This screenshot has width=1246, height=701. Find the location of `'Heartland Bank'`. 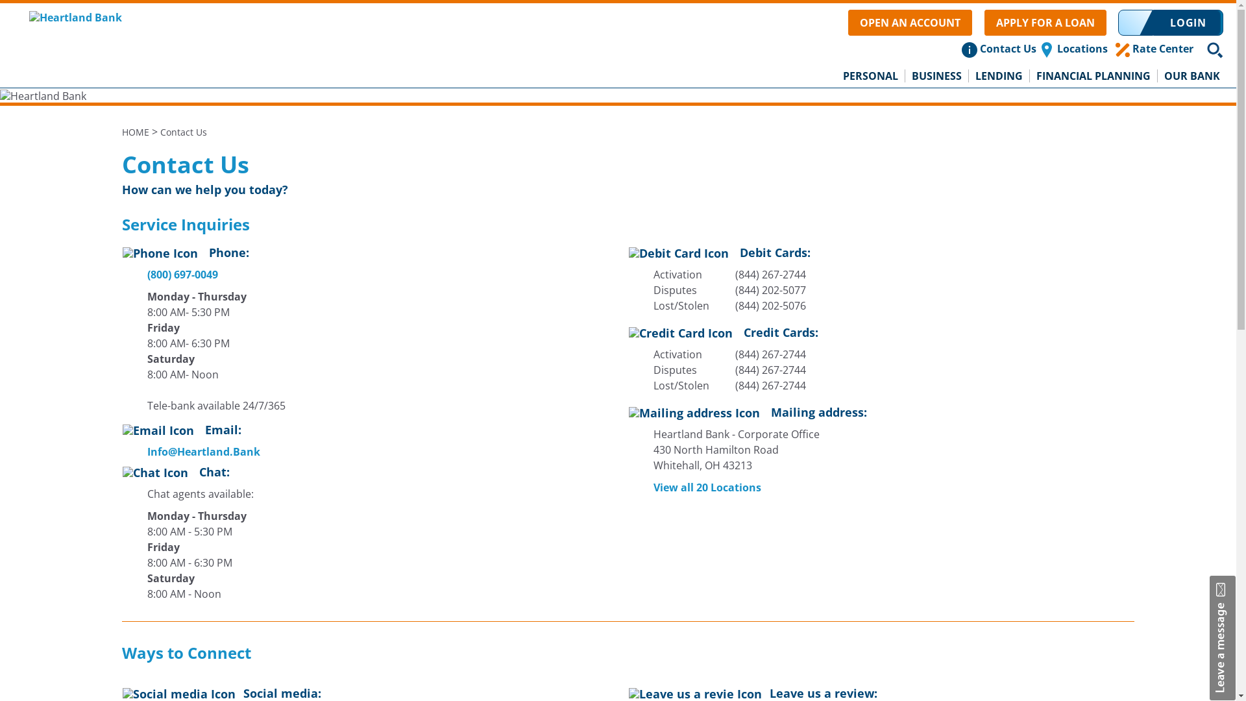

'Heartland Bank' is located at coordinates (43, 95).